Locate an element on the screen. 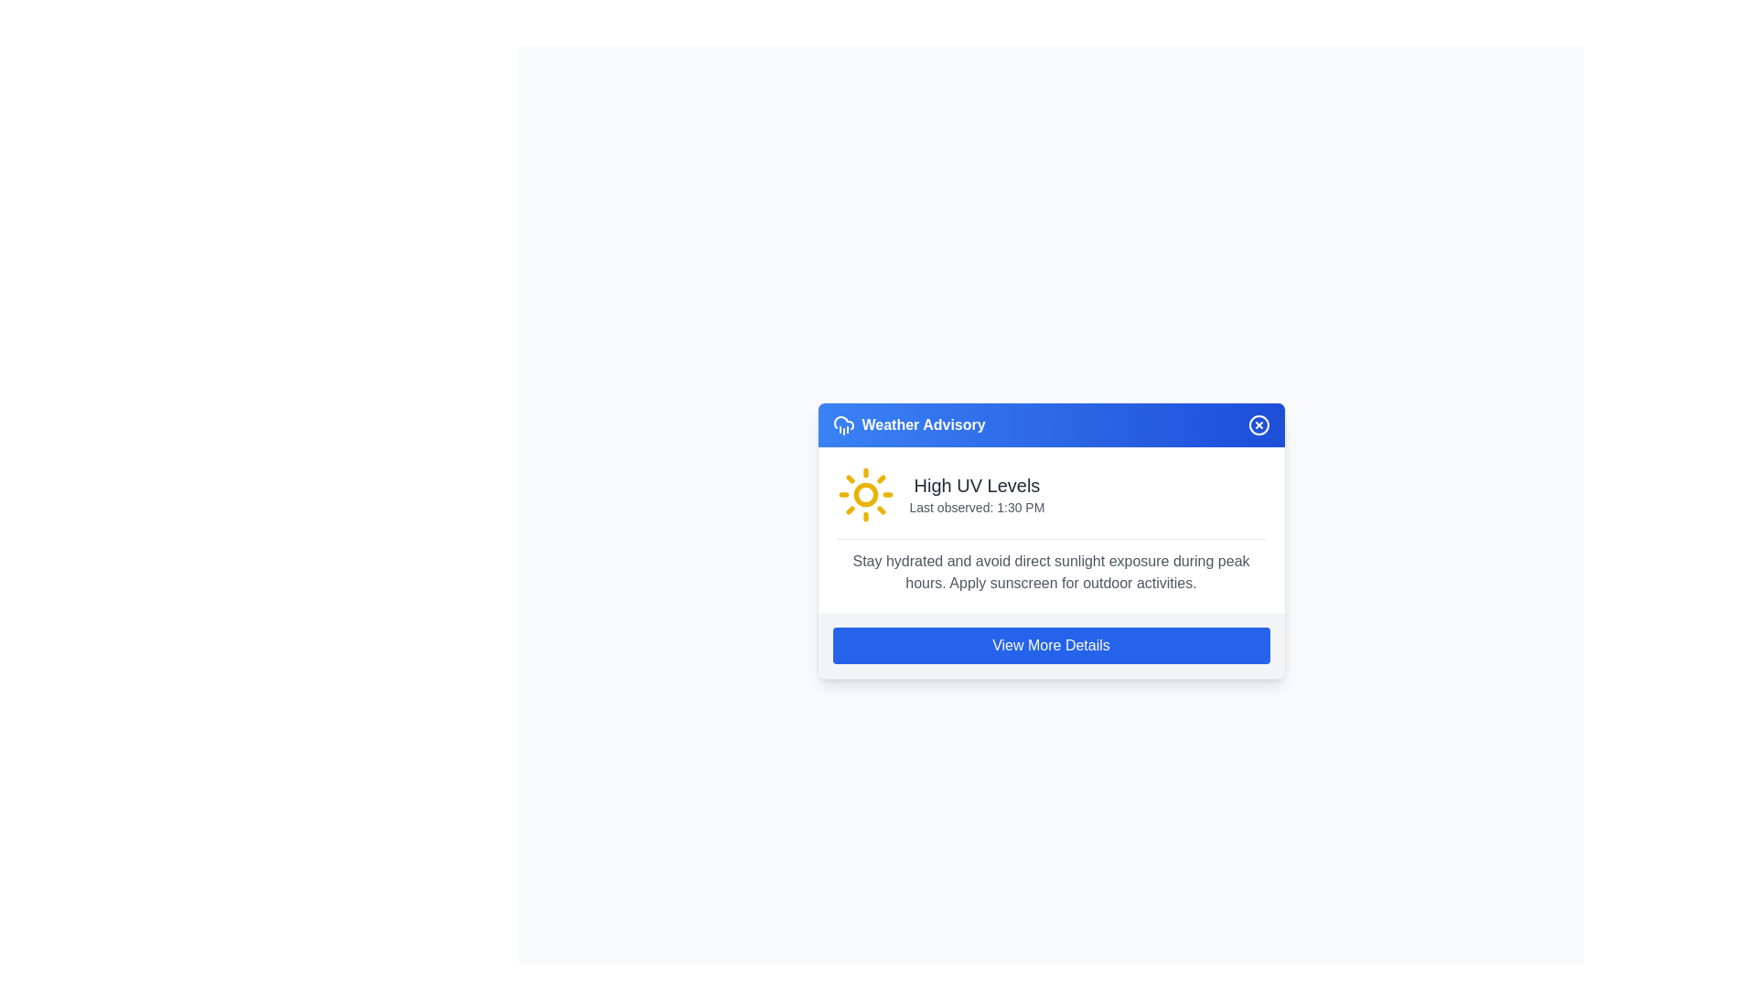 Image resolution: width=1756 pixels, height=988 pixels. the Informational card section titled 'Weather Advisory' that provides information about high UV levels and protective measures, located centrally in the card under the blue title bar is located at coordinates (1051, 529).